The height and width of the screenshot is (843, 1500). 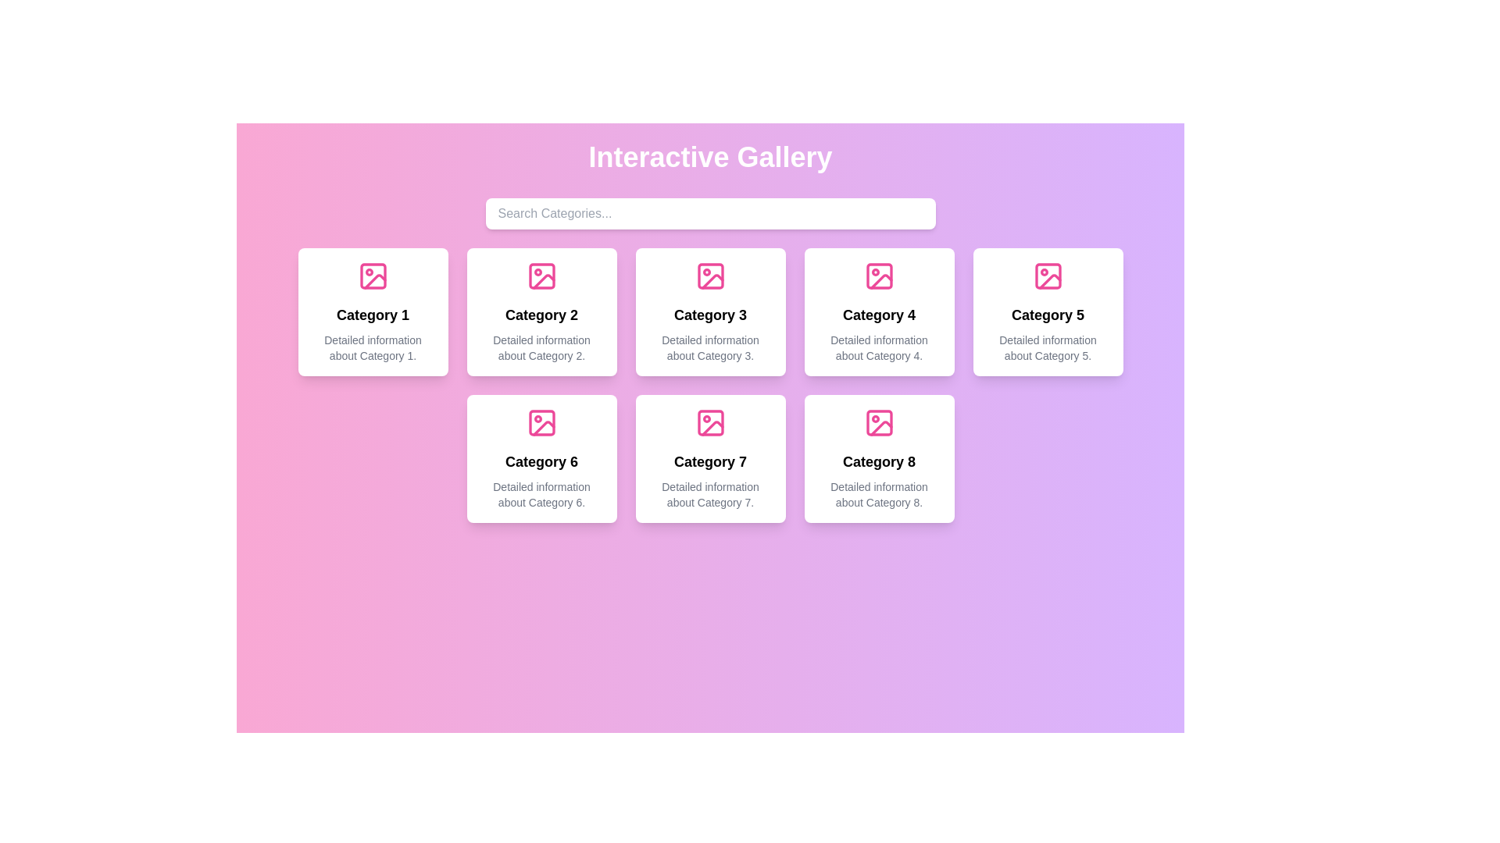 What do you see at coordinates (879, 276) in the screenshot?
I see `the pink outlined photo icon located within the card labeled 'Category 4', positioned between 'Category 3' and 'Category 5'` at bounding box center [879, 276].